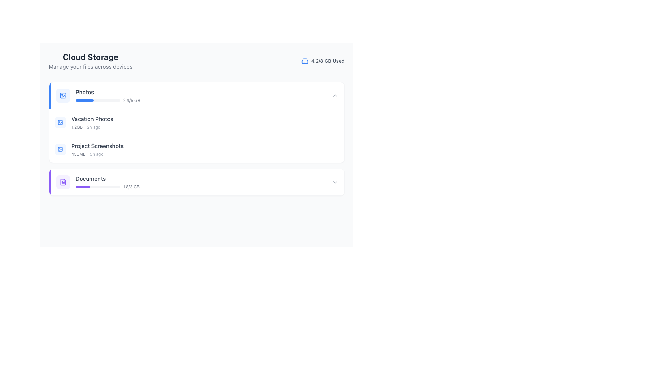  I want to click on the informative display block that indicates the storage usage for the 'Photos' category, which includes a progress bar and labels, located within the first row of the storage section, so click(107, 95).